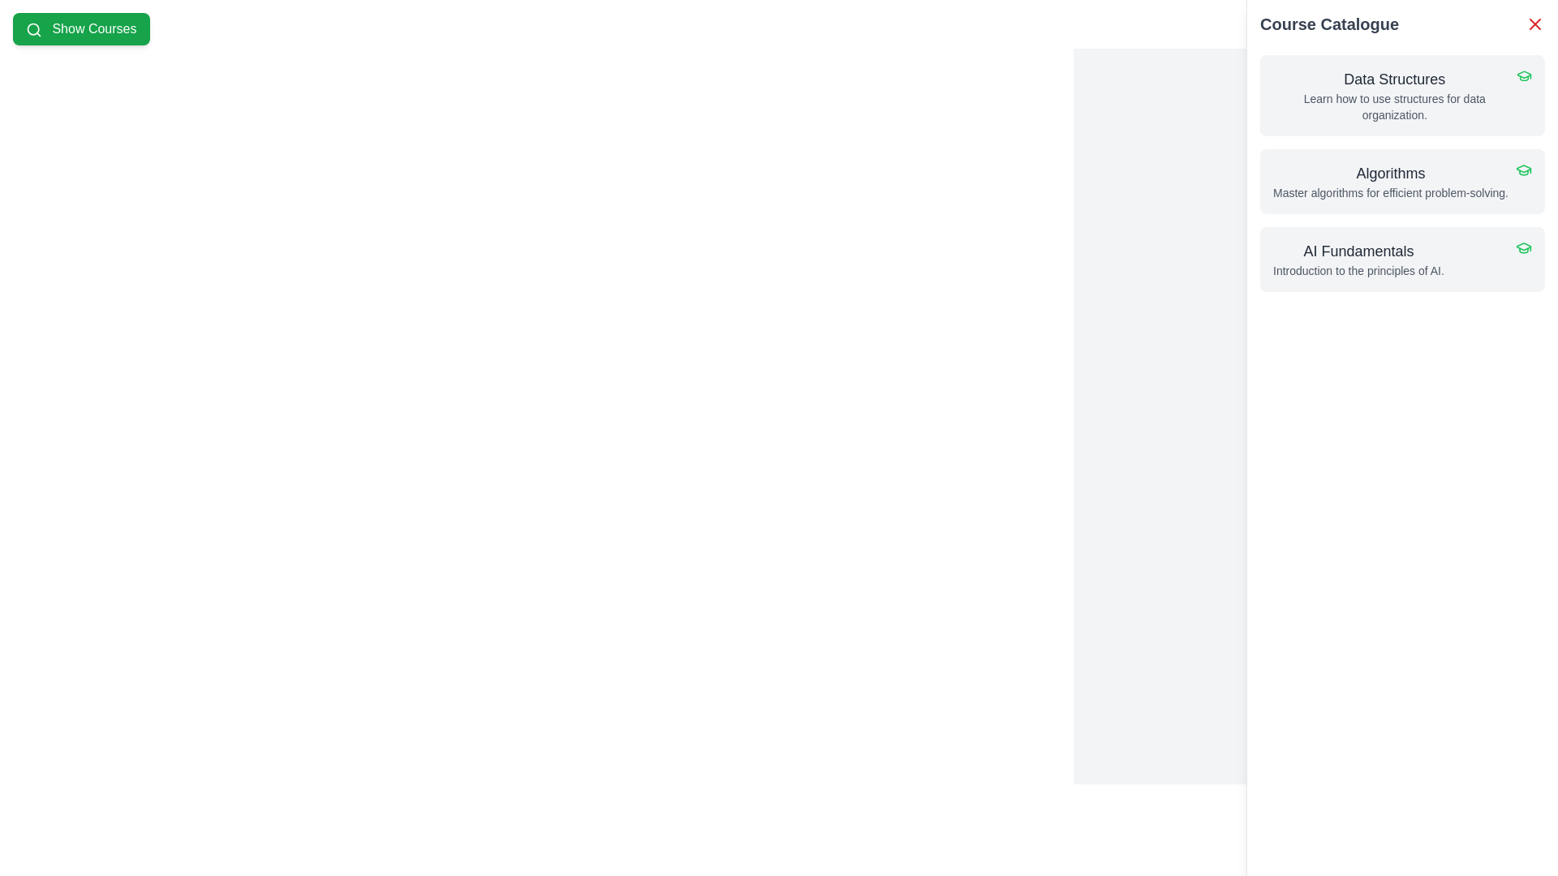  Describe the element at coordinates (1401, 173) in the screenshot. I see `the interactive module within the 'Course Catalogue' sidebar` at that location.